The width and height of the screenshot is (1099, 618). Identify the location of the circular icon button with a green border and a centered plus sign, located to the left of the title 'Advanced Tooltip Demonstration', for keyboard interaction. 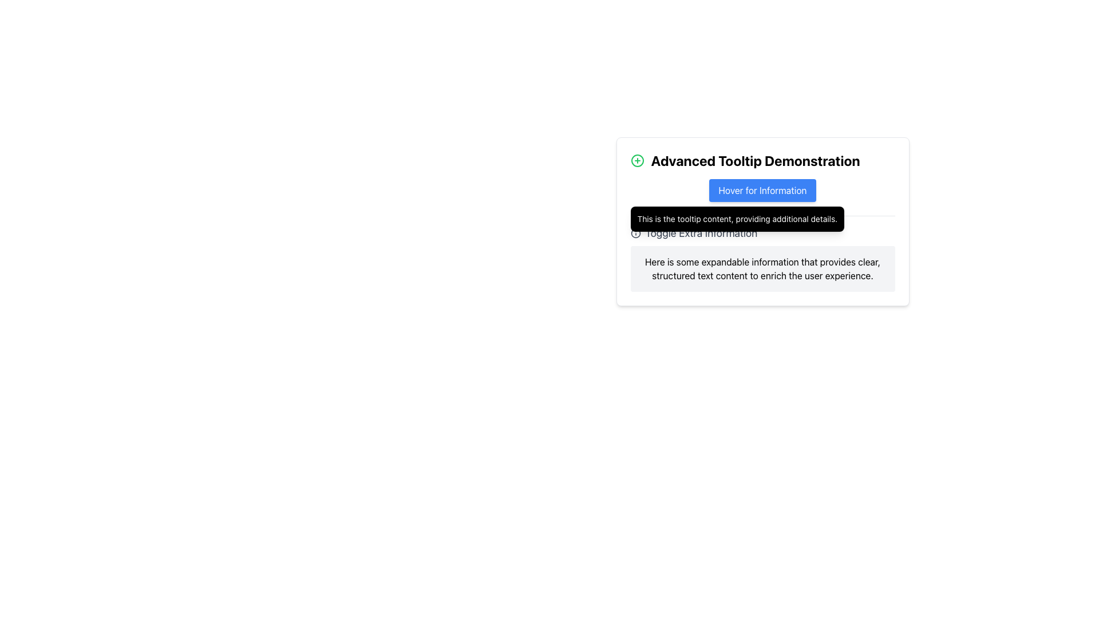
(637, 161).